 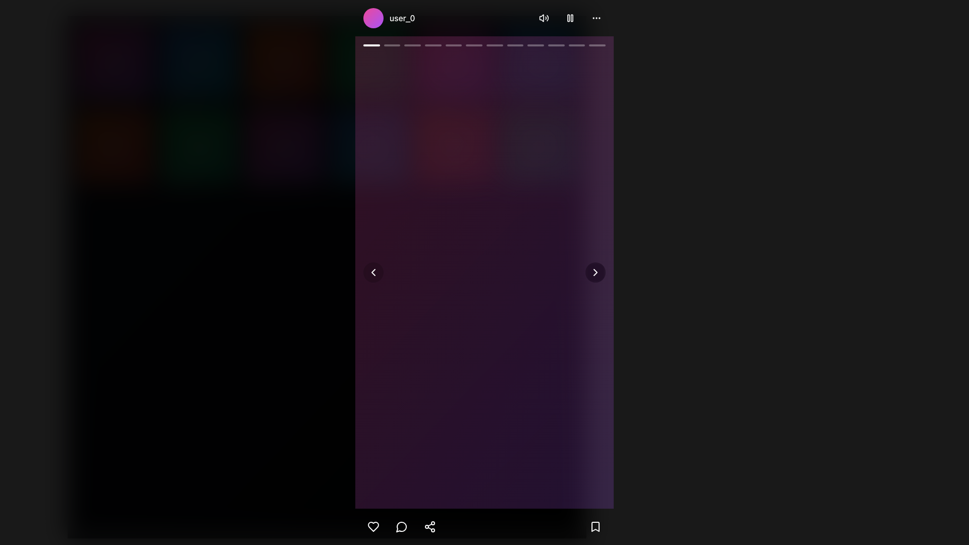 I want to click on the Interactive Card, which is the second item in the second row of the grid layout, so click(x=199, y=148).